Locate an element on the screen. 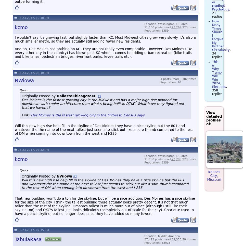  ', 34 replies' is located at coordinates (221, 53).